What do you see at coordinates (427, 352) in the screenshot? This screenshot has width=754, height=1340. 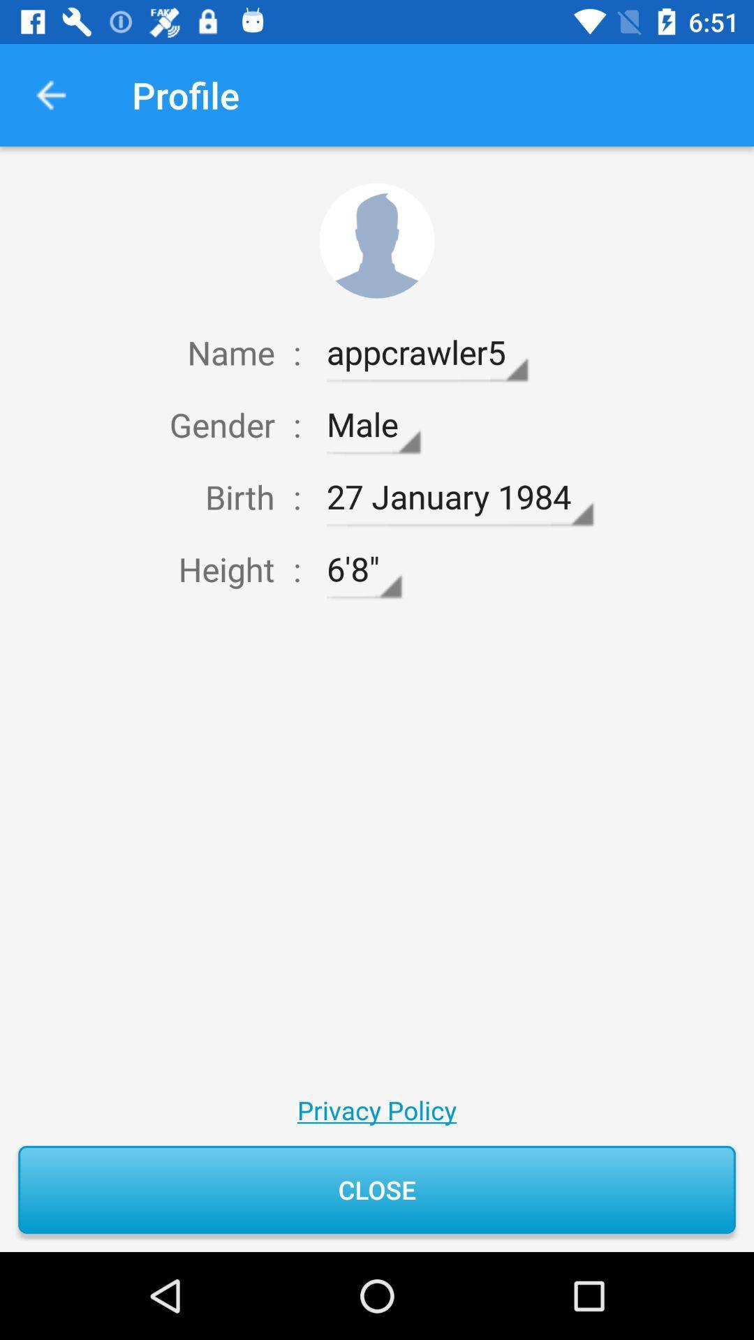 I see `the item to the right of :` at bounding box center [427, 352].